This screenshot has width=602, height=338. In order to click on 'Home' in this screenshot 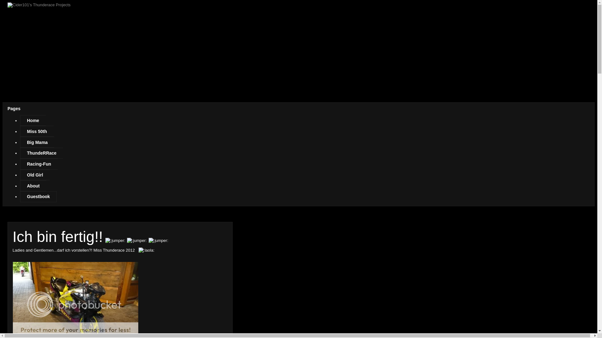, I will do `click(33, 120)`.